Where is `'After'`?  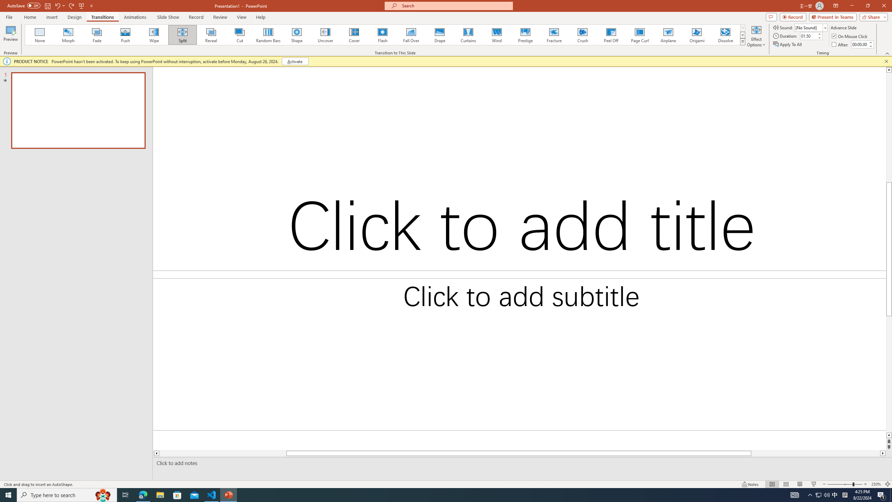
'After' is located at coordinates (859, 44).